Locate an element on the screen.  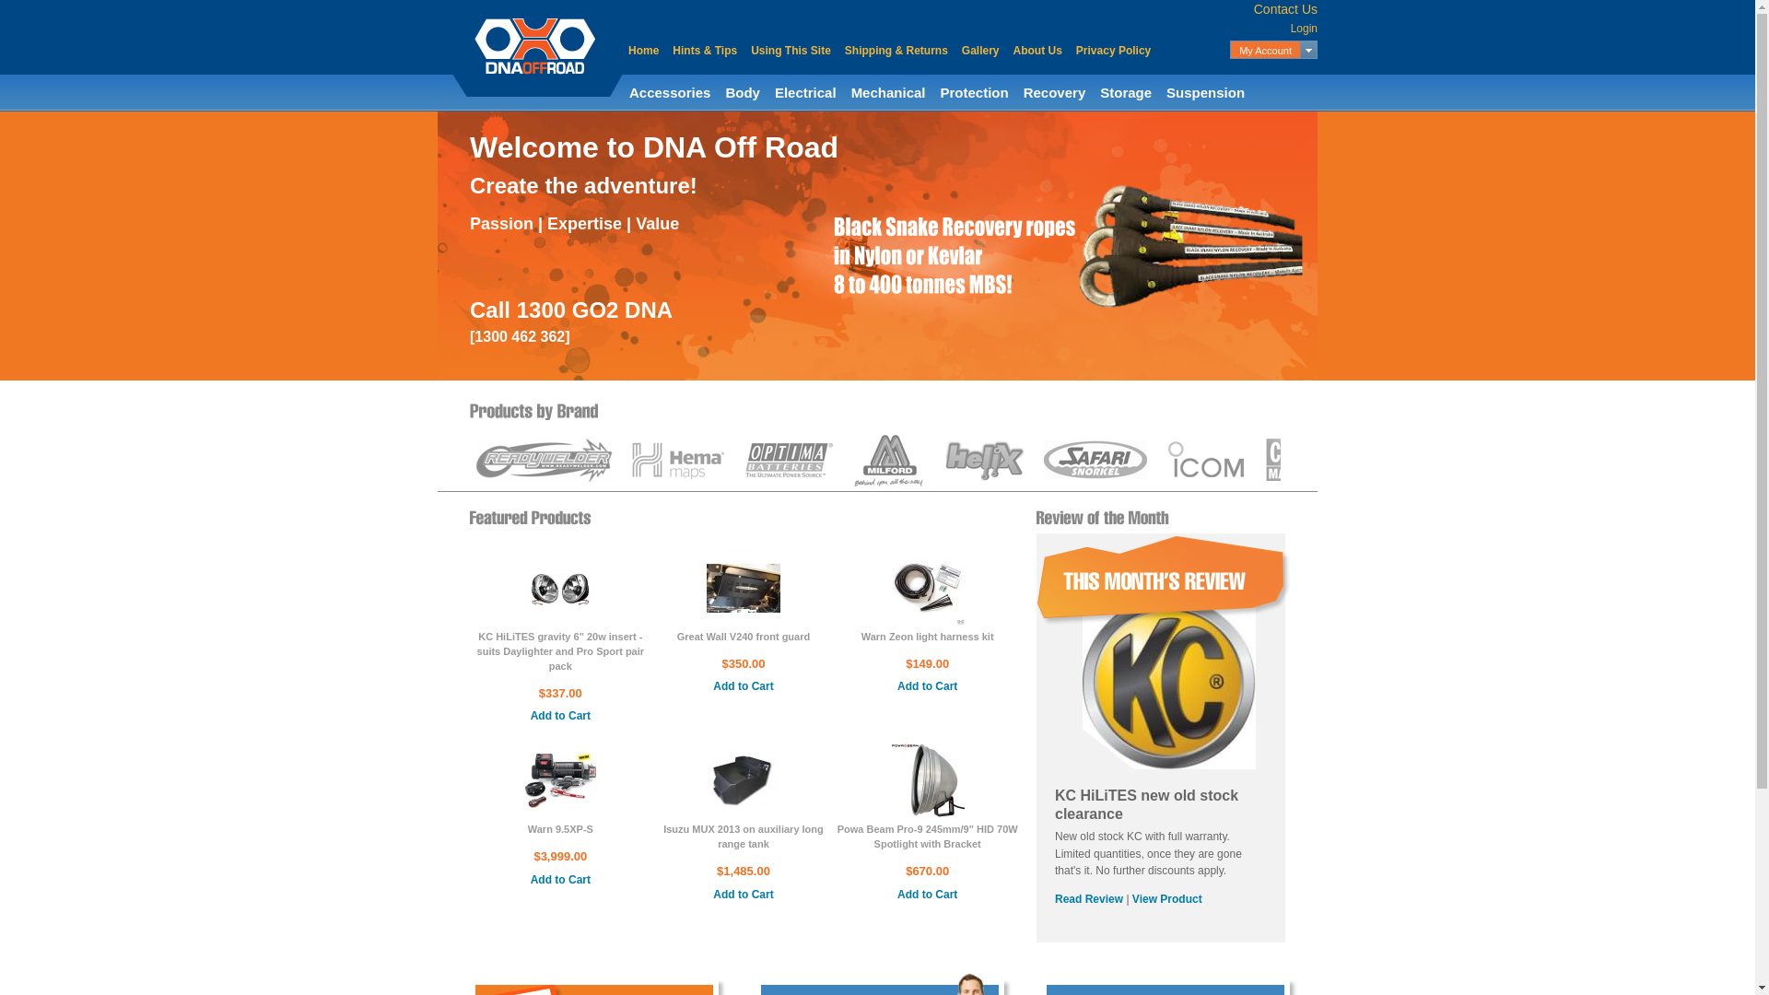
'Hints & Tips' is located at coordinates (671, 49).